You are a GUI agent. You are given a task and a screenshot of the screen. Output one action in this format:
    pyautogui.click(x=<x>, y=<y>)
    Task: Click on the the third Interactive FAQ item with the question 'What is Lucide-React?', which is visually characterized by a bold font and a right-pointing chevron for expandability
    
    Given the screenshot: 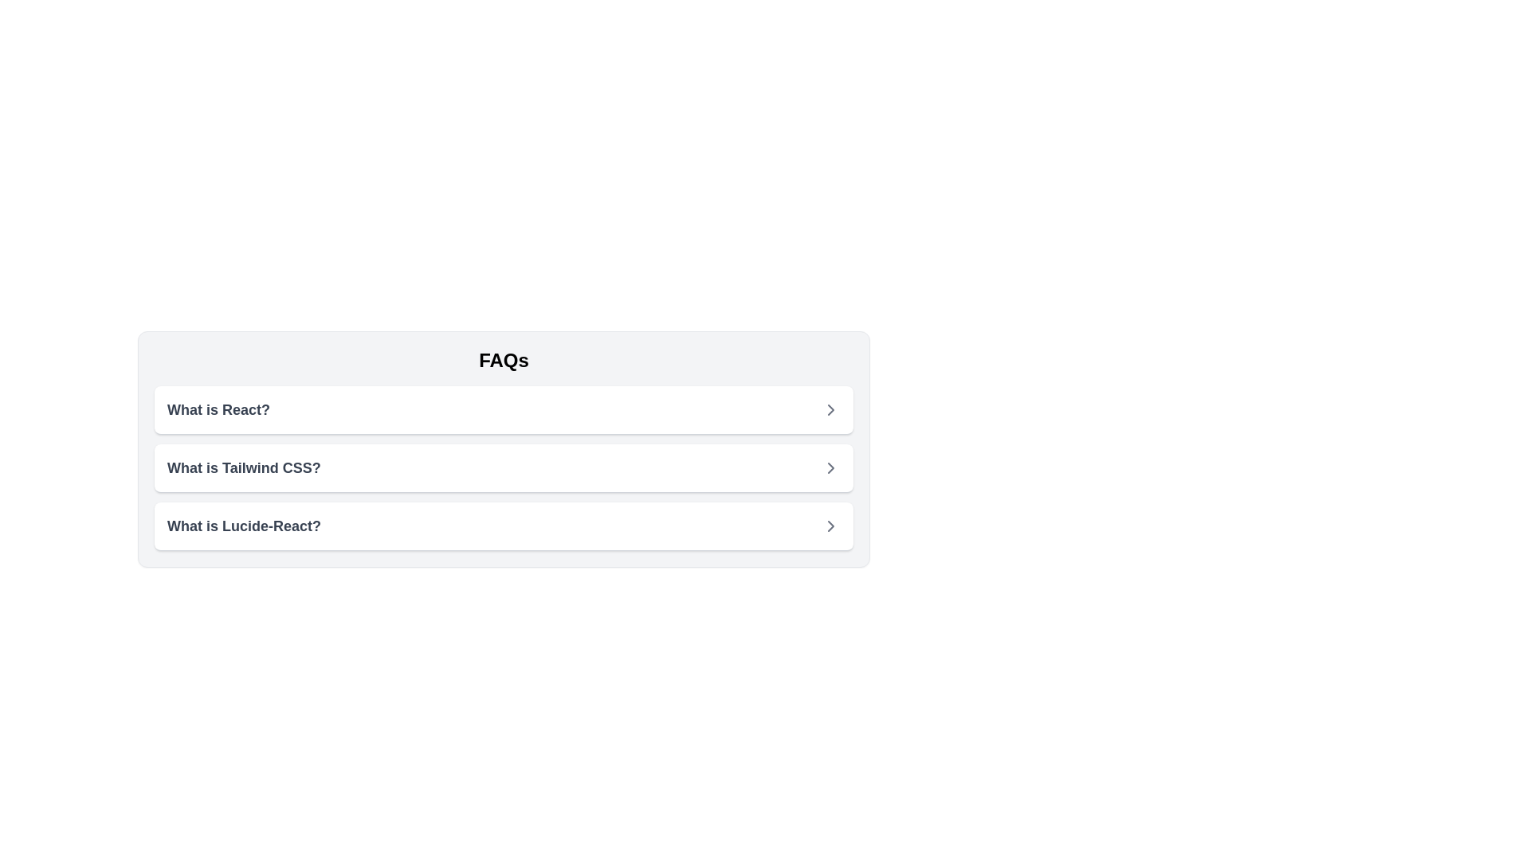 What is the action you would take?
    pyautogui.click(x=503, y=526)
    